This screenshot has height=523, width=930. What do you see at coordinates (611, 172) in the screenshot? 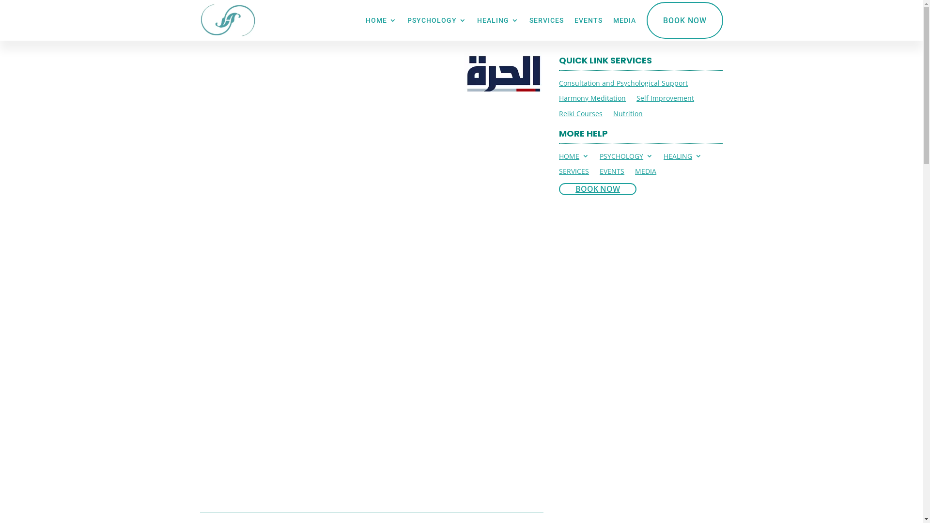
I see `'EVENTS'` at bounding box center [611, 172].